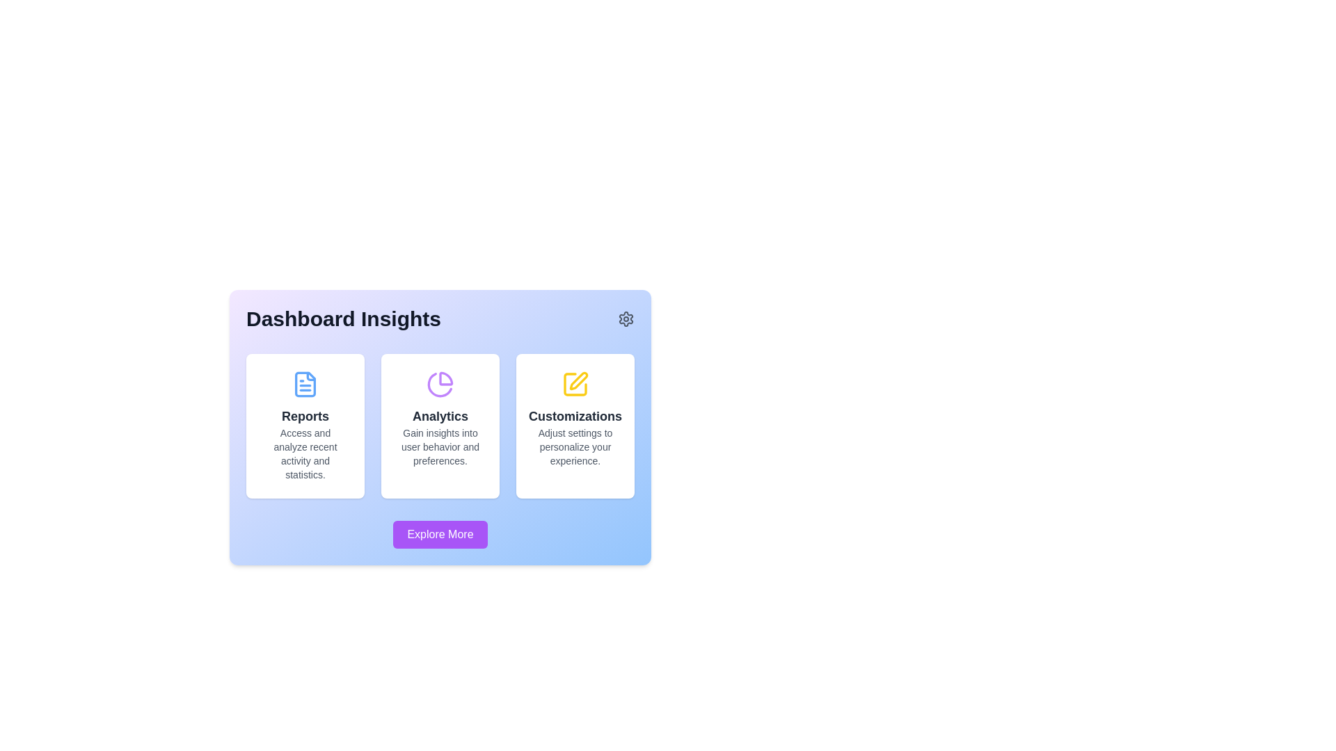 Image resolution: width=1336 pixels, height=751 pixels. What do you see at coordinates (440, 319) in the screenshot?
I see `title or heading text element located at the top of the panel, which is aligned with a gear icon on its far right` at bounding box center [440, 319].